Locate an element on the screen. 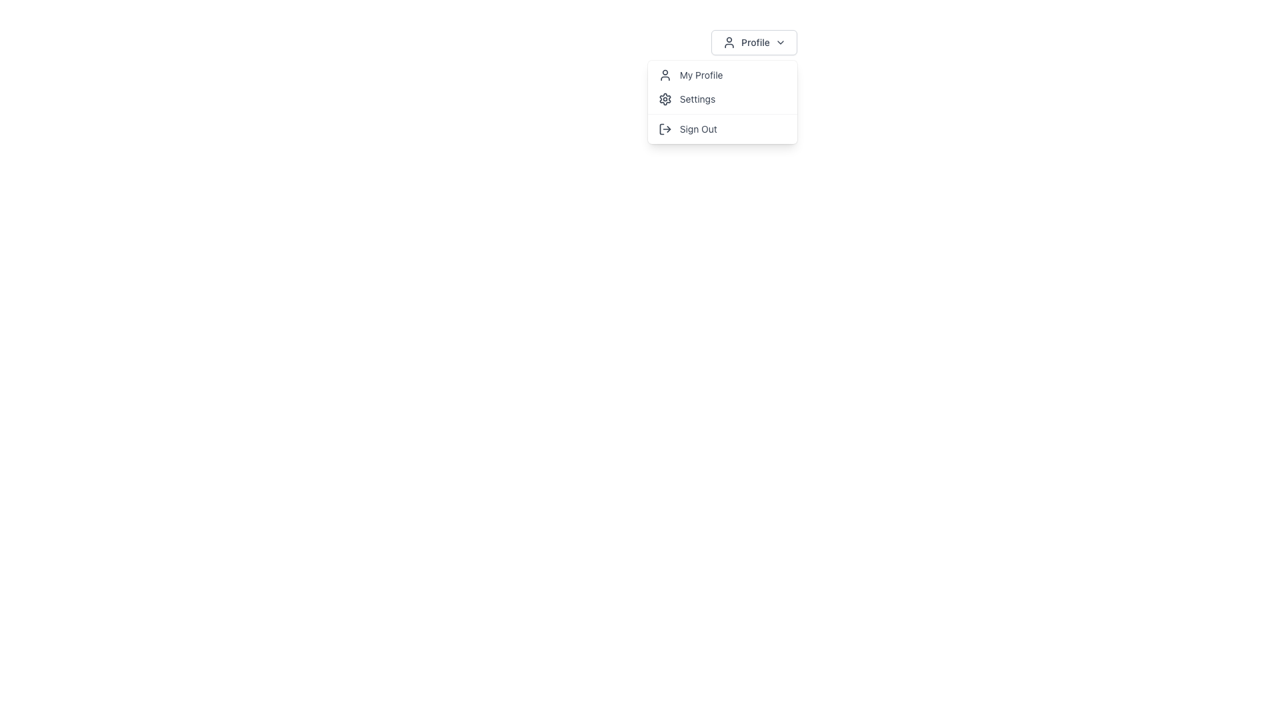 The width and height of the screenshot is (1280, 720). the dropdown menu icon next to the 'Profile' button is located at coordinates (780, 42).